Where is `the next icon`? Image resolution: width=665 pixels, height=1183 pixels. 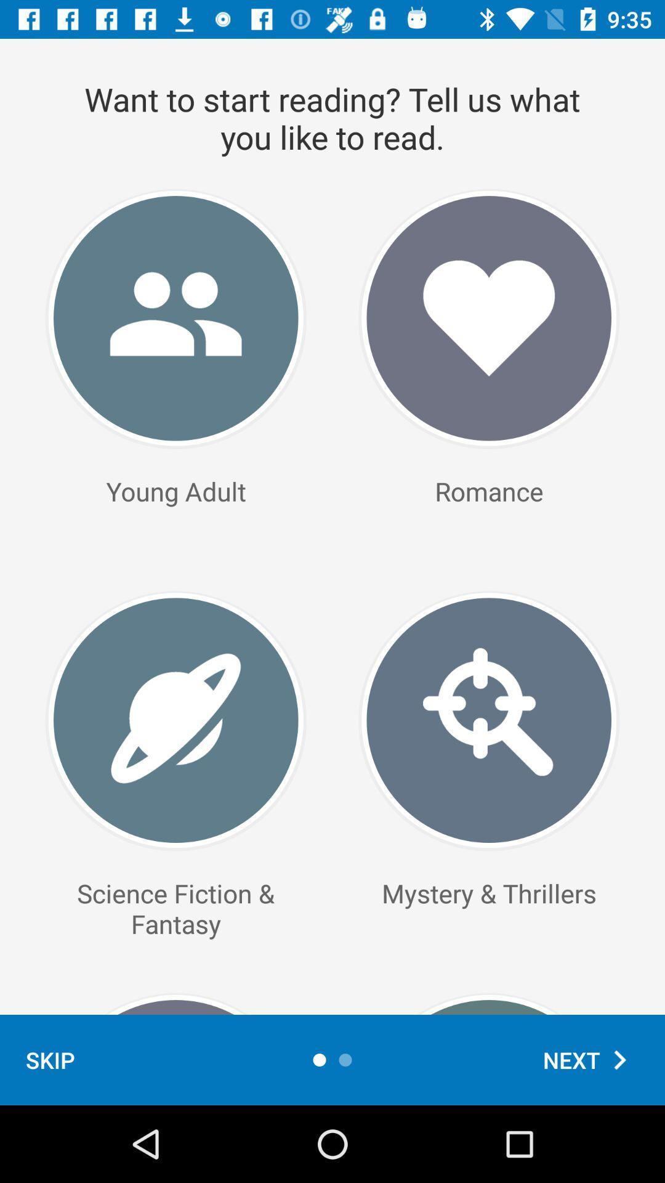 the next icon is located at coordinates (590, 1059).